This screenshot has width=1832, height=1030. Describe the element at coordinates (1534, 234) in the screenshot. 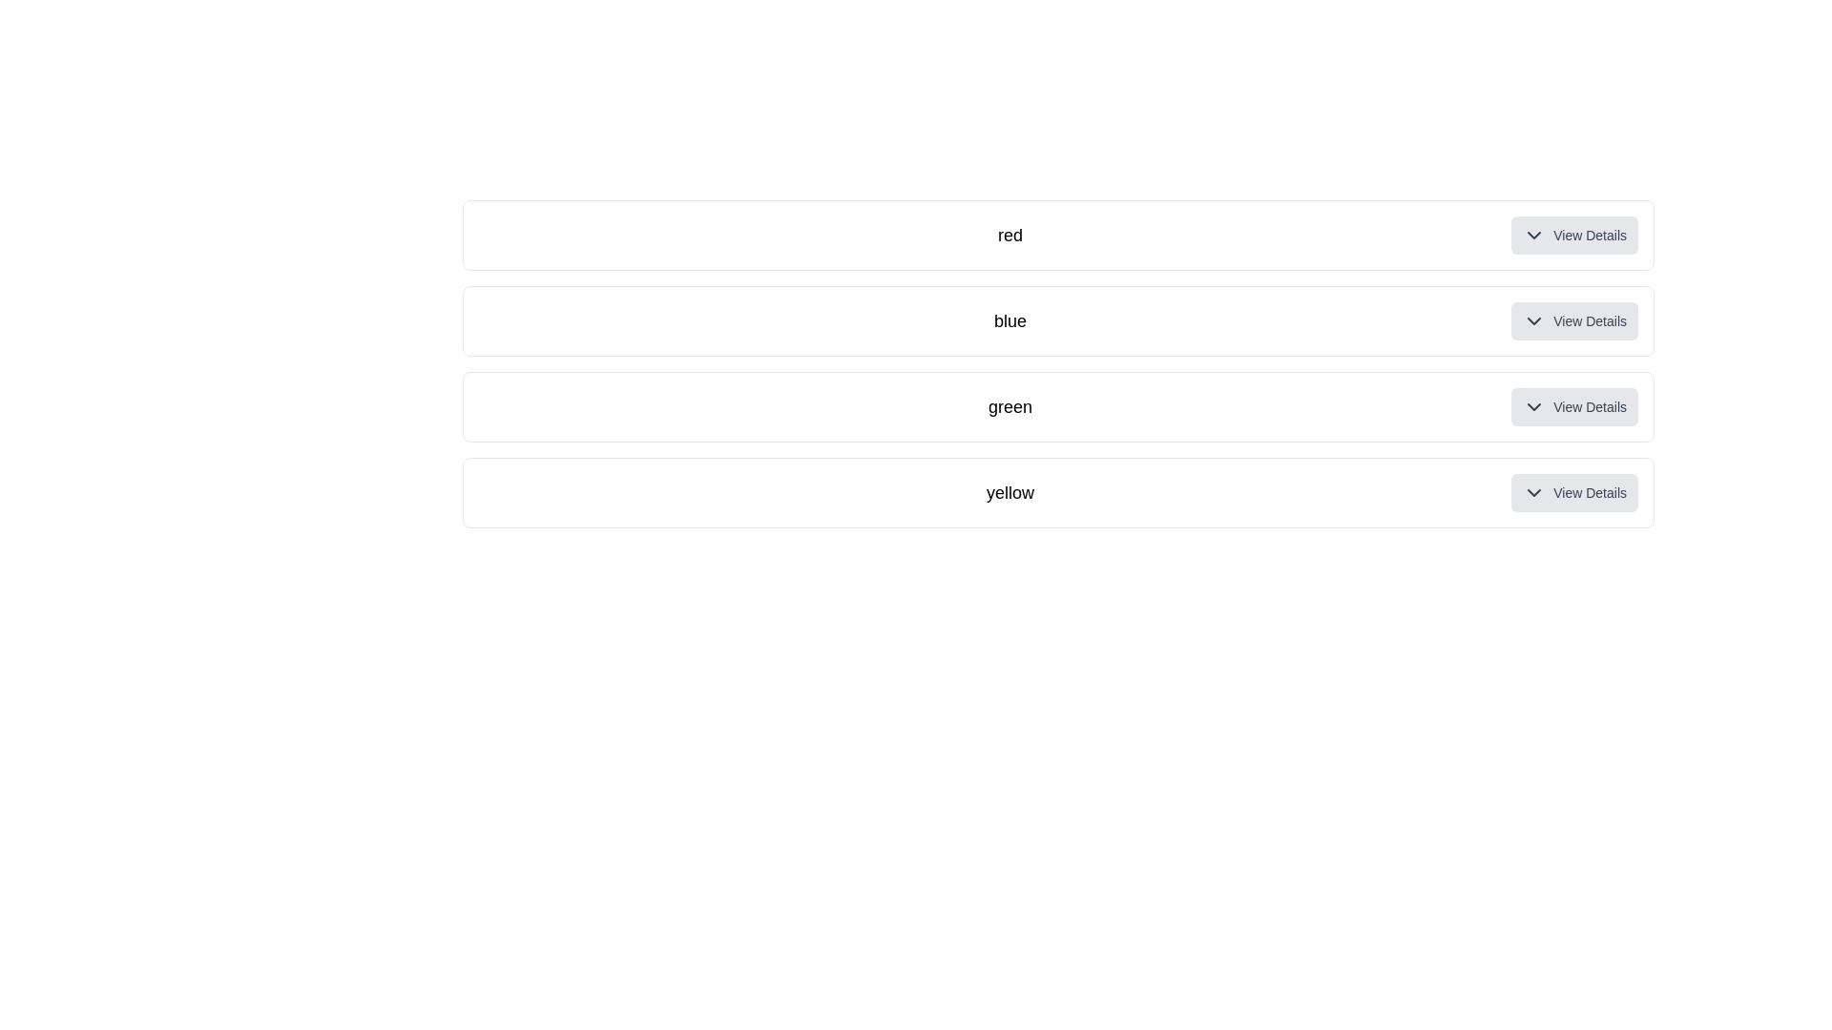

I see `the downward-pointing chevron icon located immediately to the left of the 'View Details' text` at that location.